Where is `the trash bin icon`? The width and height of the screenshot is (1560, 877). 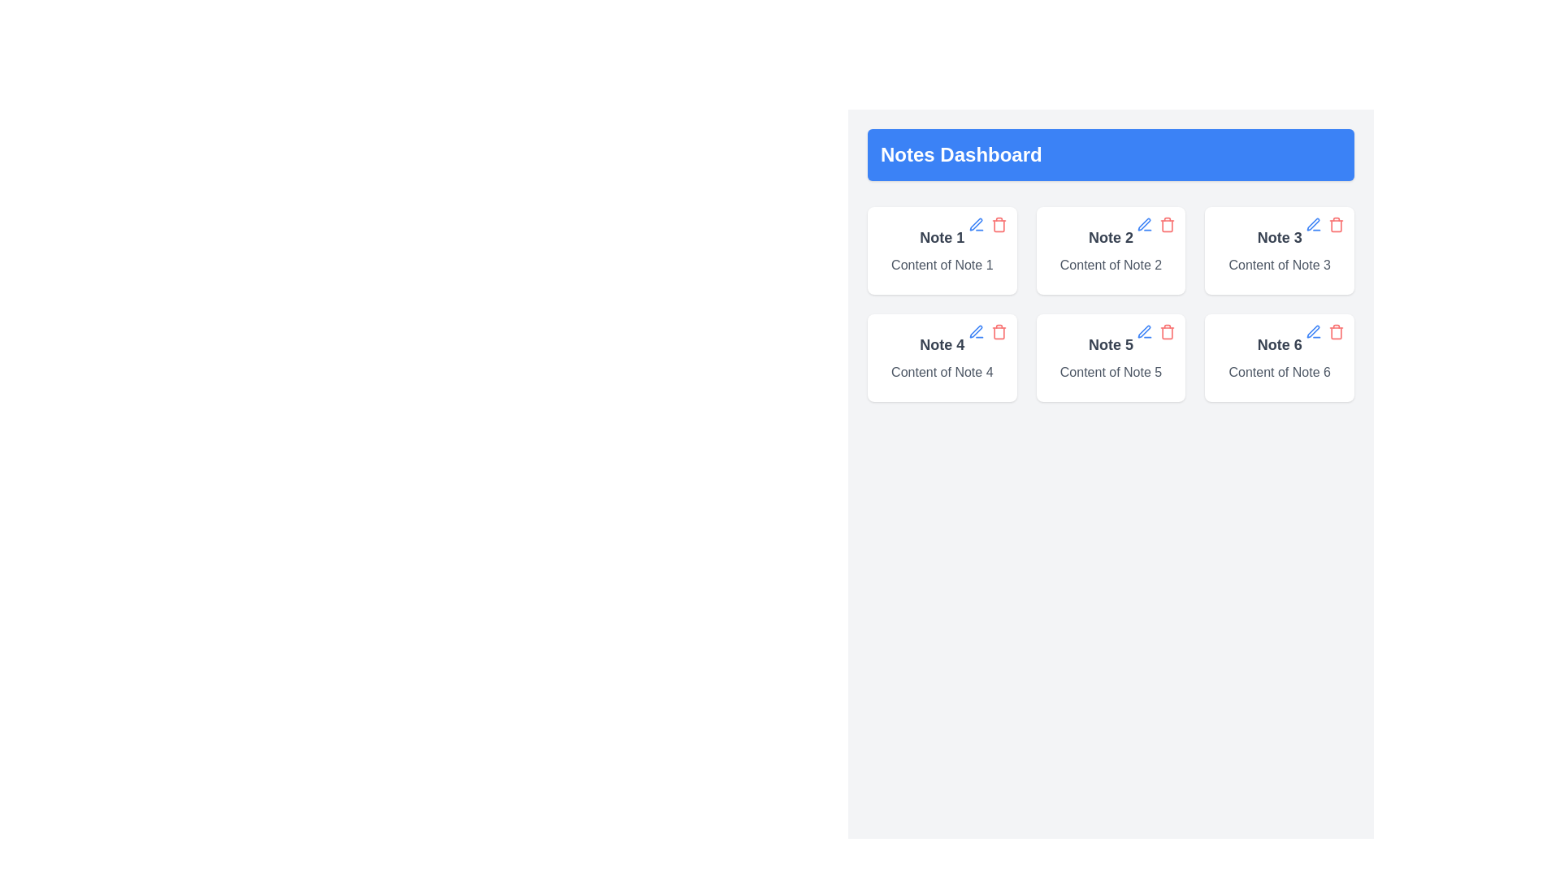
the trash bin icon is located at coordinates (1337, 331).